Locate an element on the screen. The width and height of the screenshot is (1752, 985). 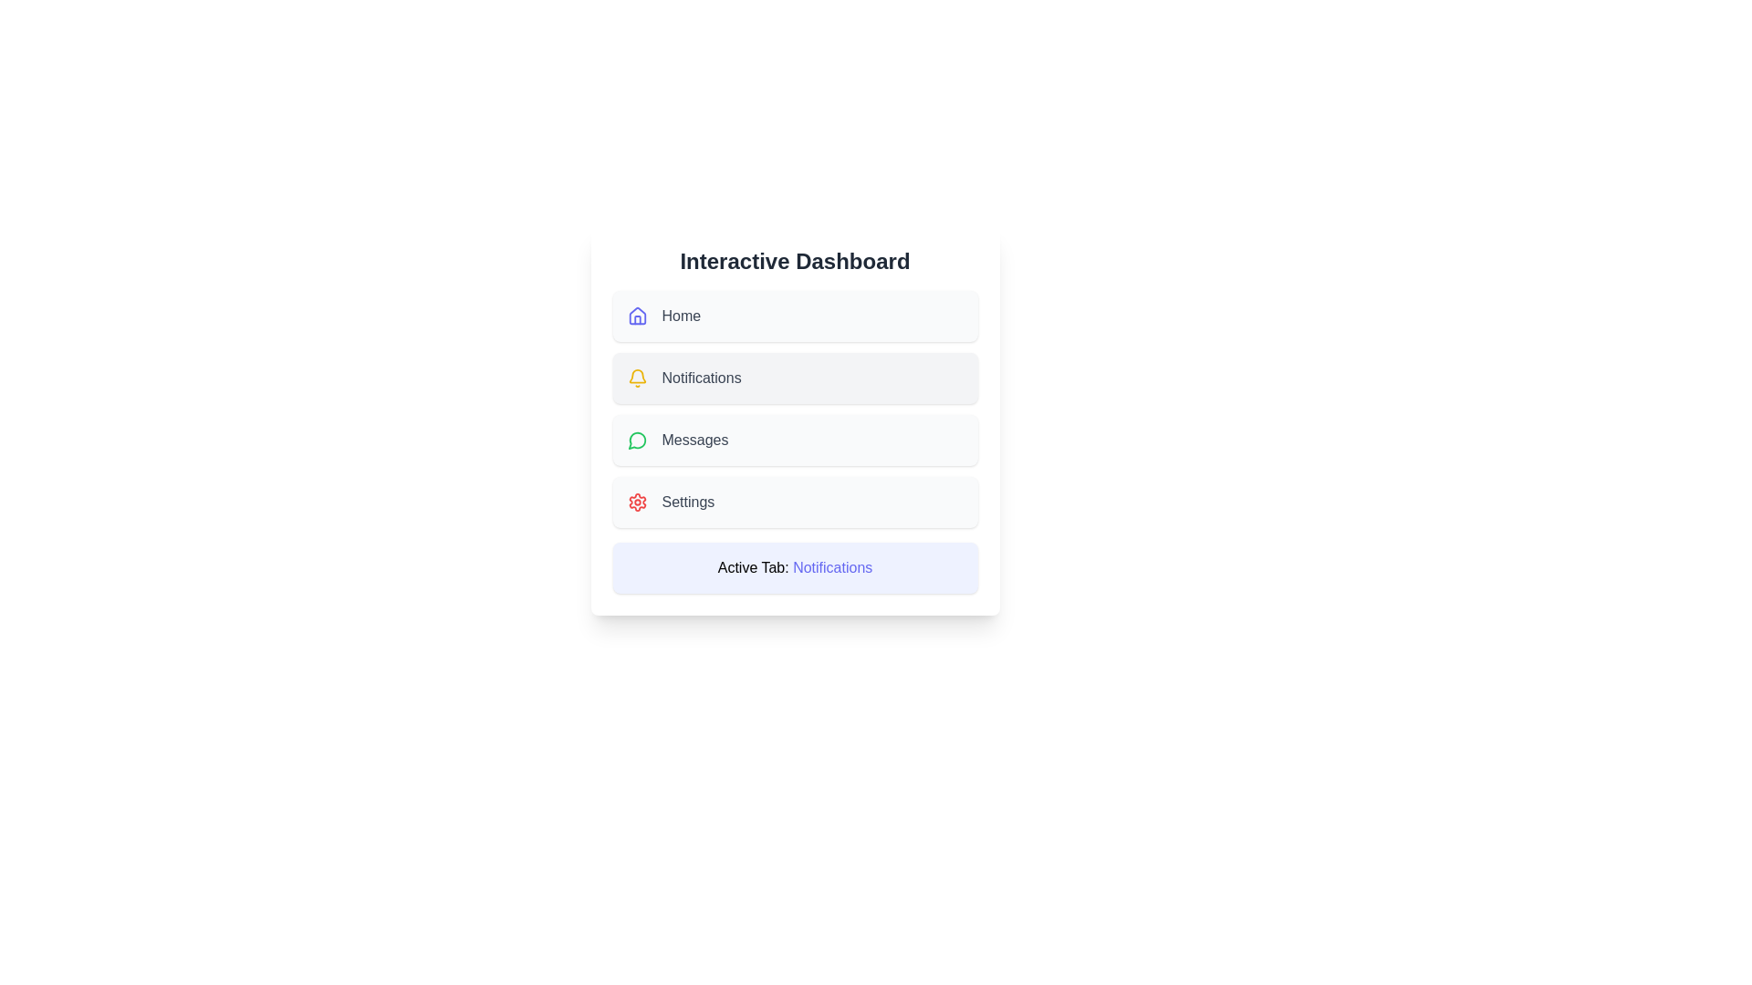
the menu item icon corresponding to Notifications is located at coordinates (637, 378).